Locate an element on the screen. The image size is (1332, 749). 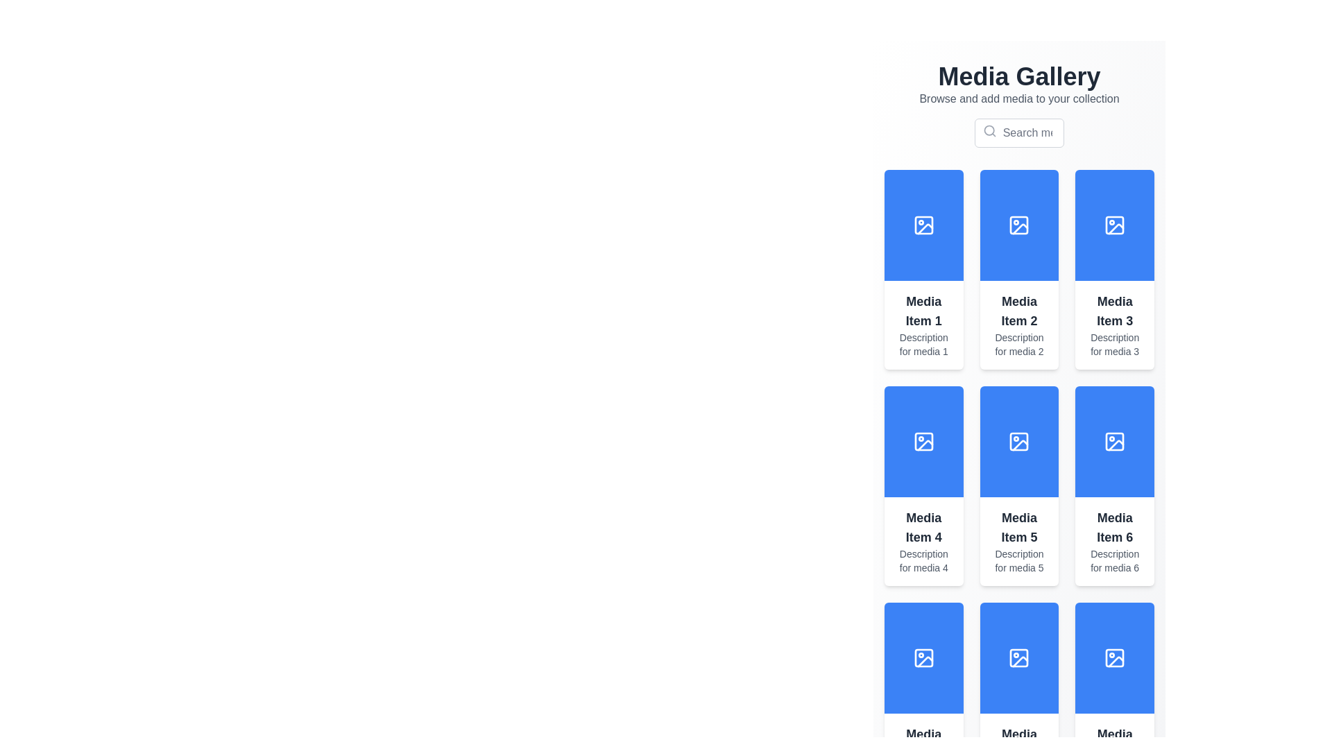
the text input field with a search icon and placeholder text 'Search m' located below the 'Media Gallery' heading is located at coordinates (1019, 133).